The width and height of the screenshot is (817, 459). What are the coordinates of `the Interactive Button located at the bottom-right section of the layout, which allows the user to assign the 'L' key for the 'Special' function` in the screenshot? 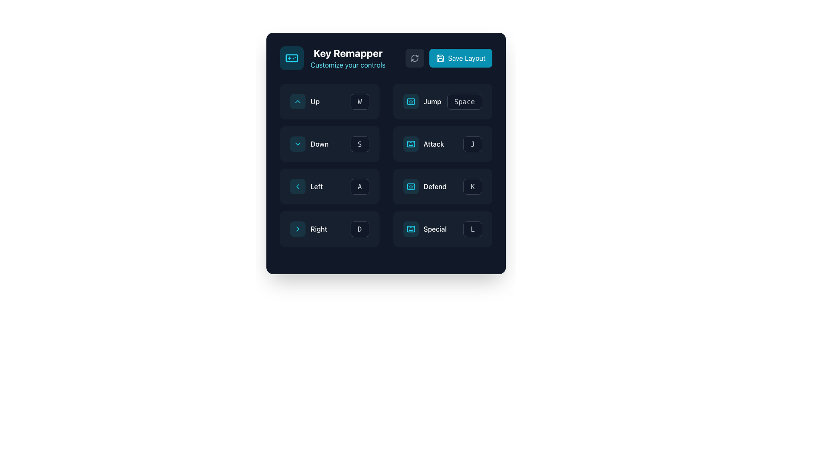 It's located at (443, 229).